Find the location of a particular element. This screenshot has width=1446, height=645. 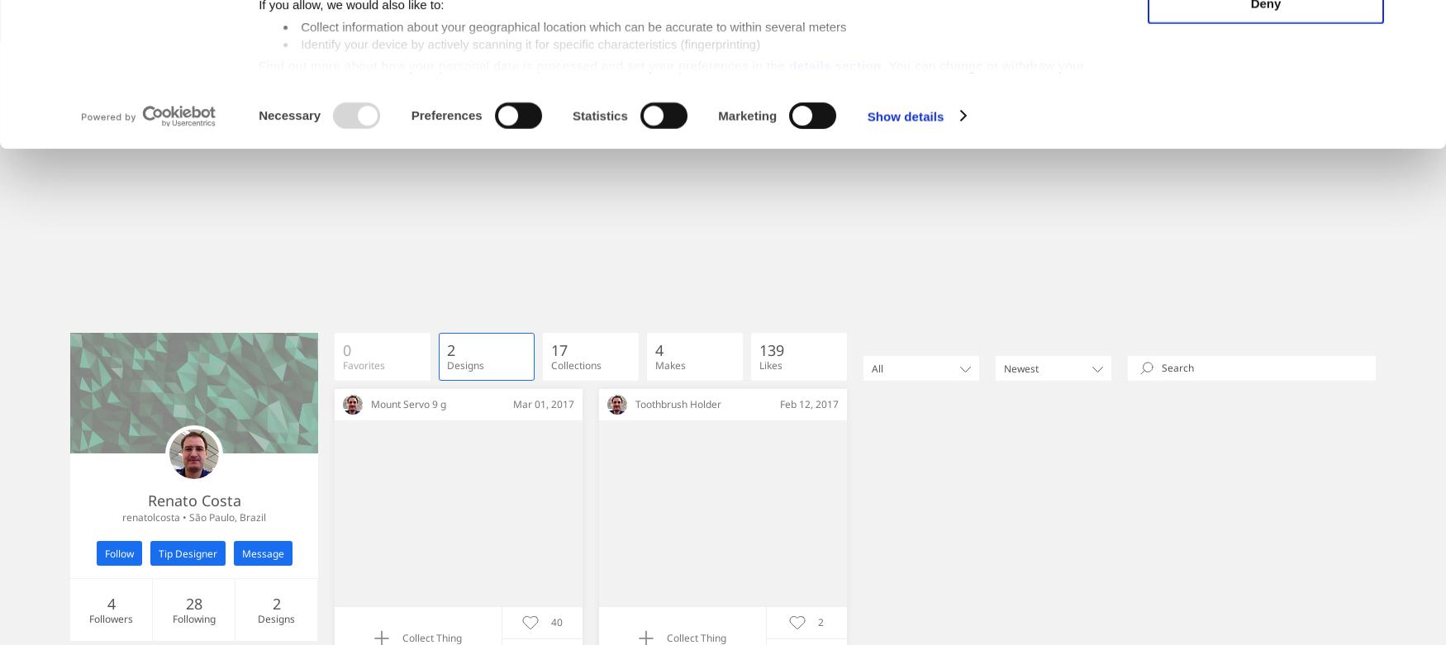

'Deny' is located at coordinates (1264, 134).